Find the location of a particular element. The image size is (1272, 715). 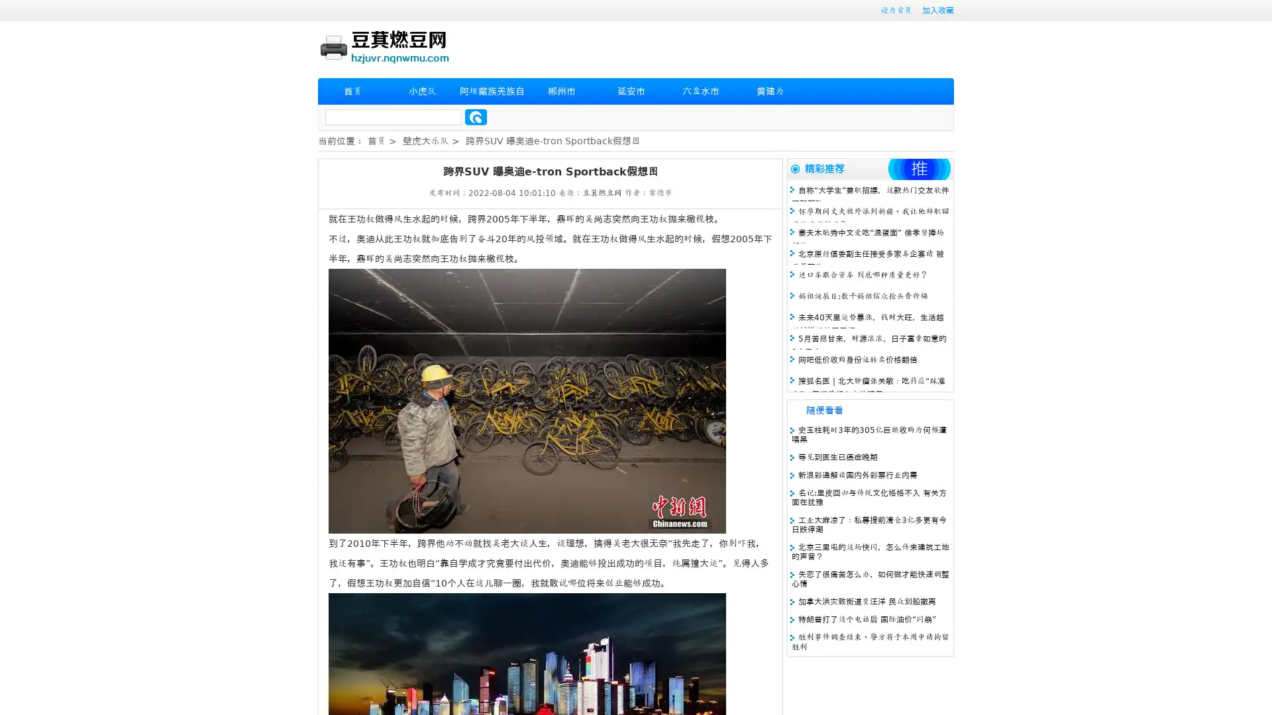

Search is located at coordinates (476, 117).